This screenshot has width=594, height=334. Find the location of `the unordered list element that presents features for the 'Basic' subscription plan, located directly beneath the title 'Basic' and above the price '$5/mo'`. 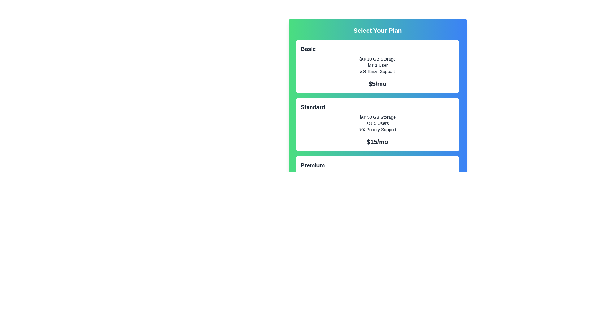

the unordered list element that presents features for the 'Basic' subscription plan, located directly beneath the title 'Basic' and above the price '$5/mo' is located at coordinates (377, 65).